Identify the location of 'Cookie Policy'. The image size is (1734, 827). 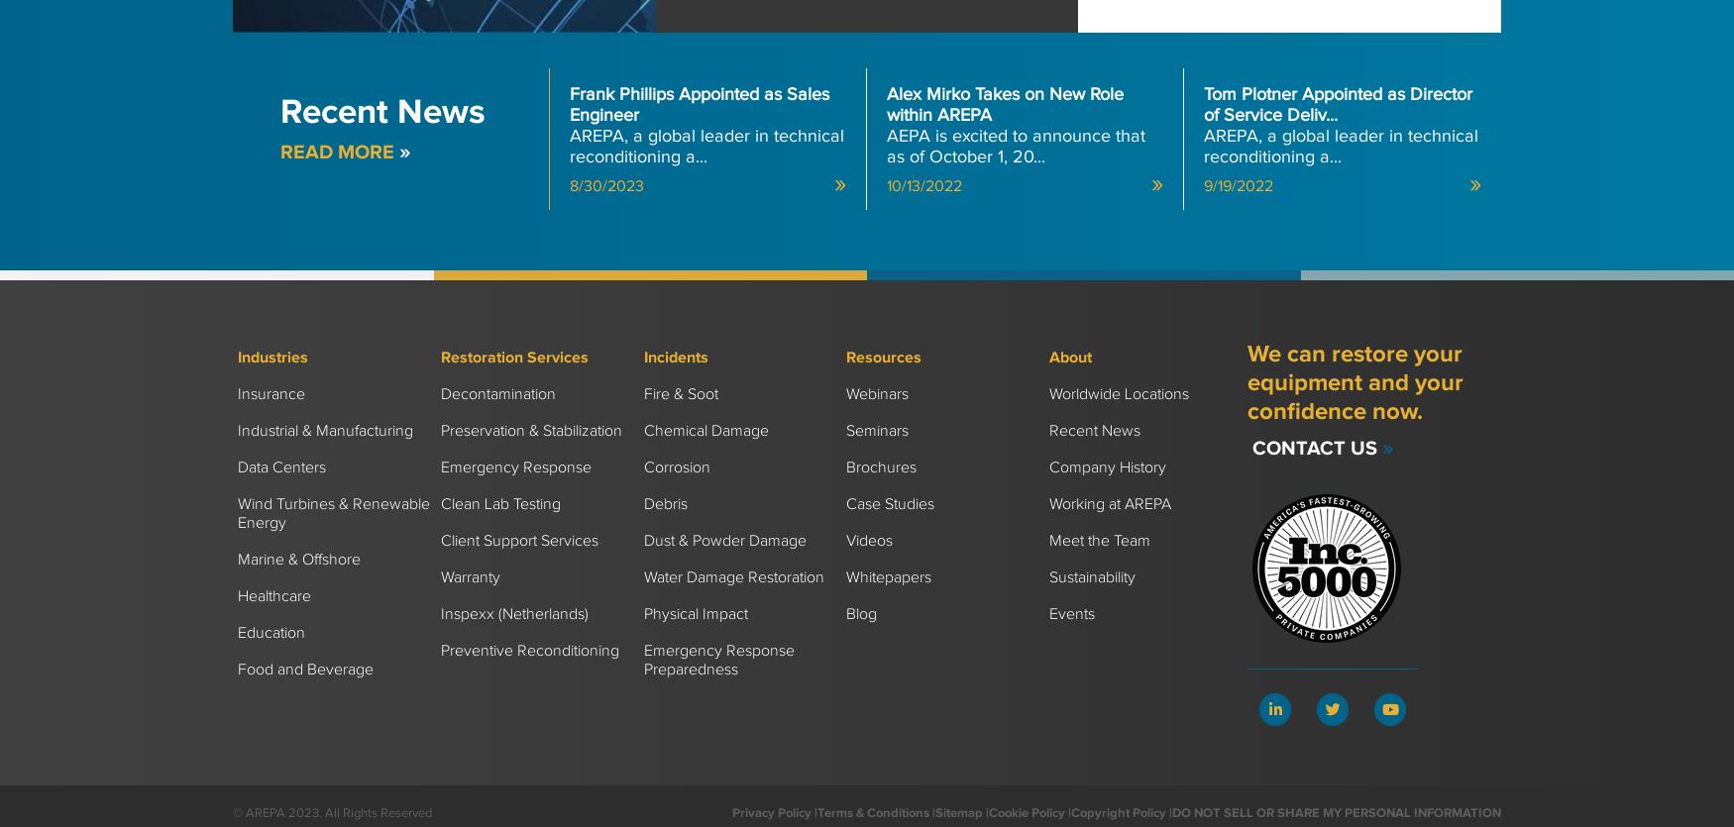
(1026, 811).